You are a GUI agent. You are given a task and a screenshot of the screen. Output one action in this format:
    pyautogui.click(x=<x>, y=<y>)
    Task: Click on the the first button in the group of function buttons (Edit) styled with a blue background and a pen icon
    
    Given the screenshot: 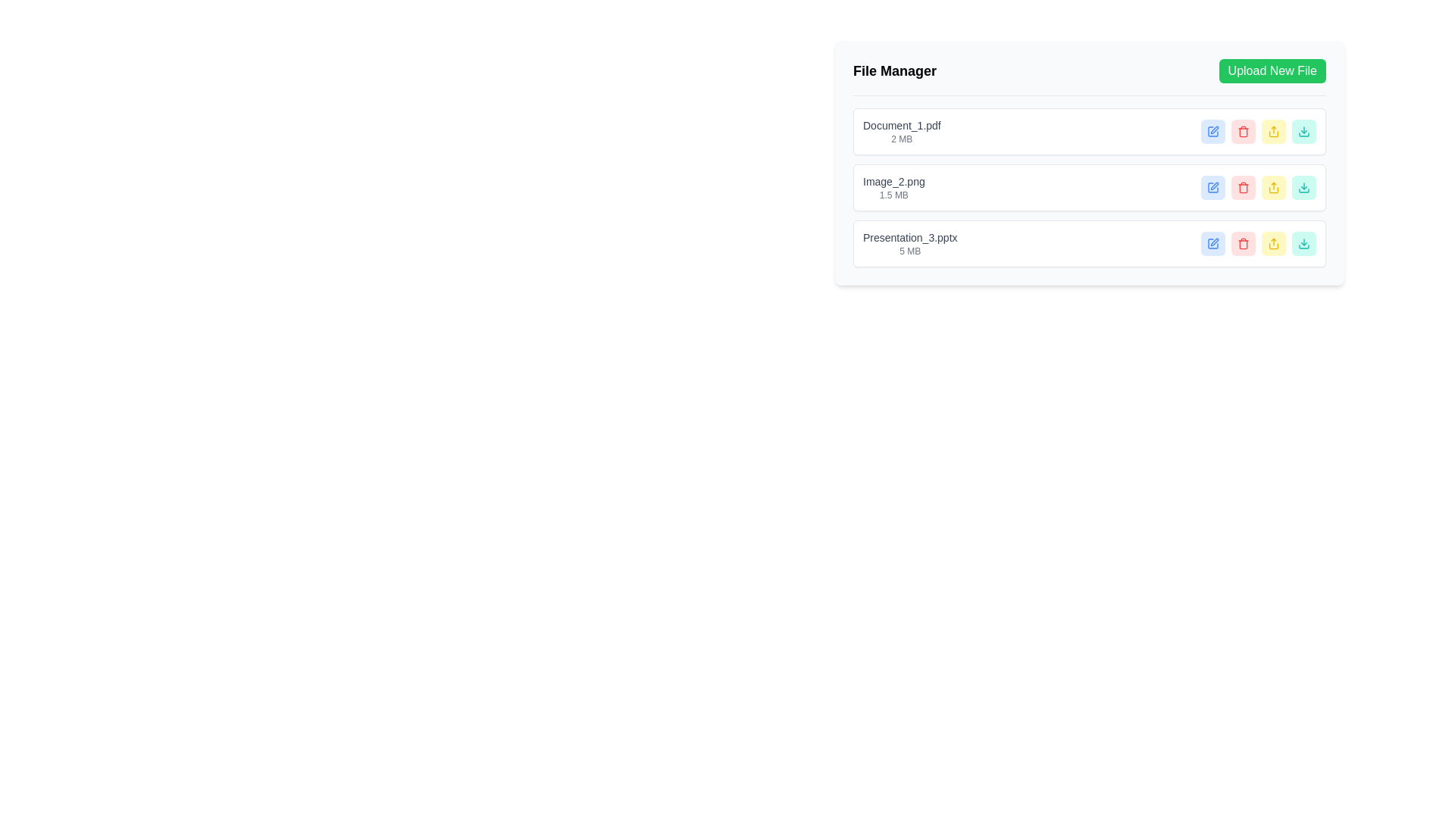 What is the action you would take?
    pyautogui.click(x=1213, y=186)
    